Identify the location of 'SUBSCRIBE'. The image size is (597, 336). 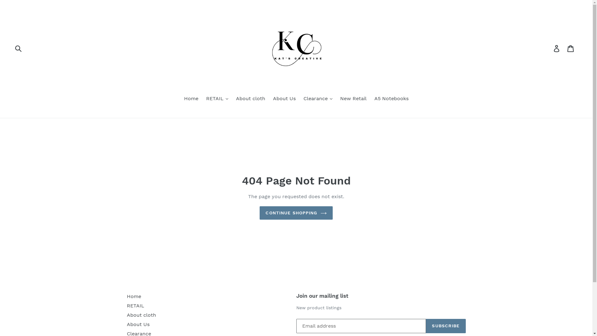
(445, 326).